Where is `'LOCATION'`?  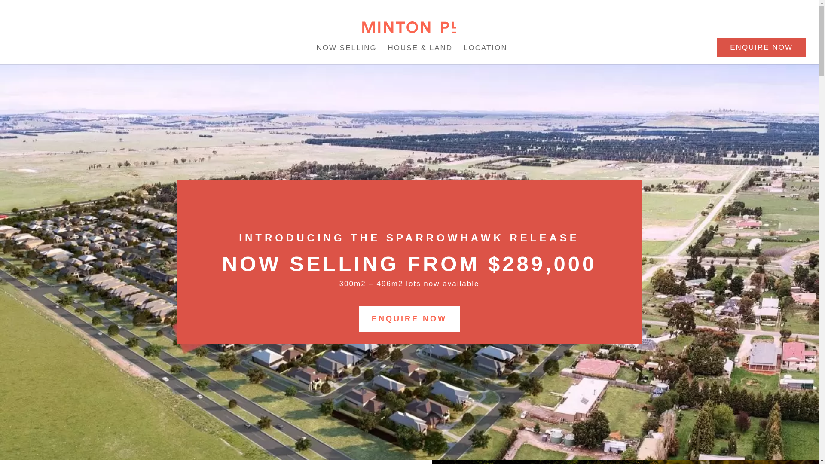
'LOCATION' is located at coordinates (485, 49).